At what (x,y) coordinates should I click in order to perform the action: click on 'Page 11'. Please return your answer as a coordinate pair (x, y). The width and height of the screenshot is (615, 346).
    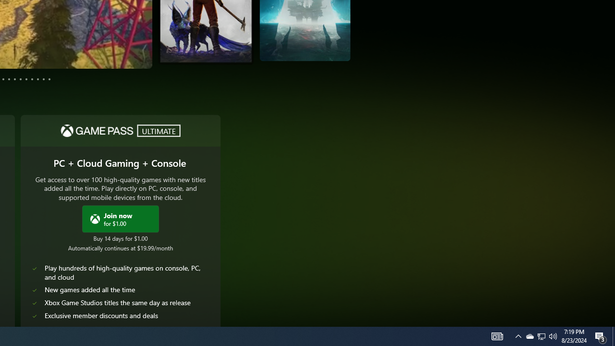
    Looking at the image, I should click on (43, 78).